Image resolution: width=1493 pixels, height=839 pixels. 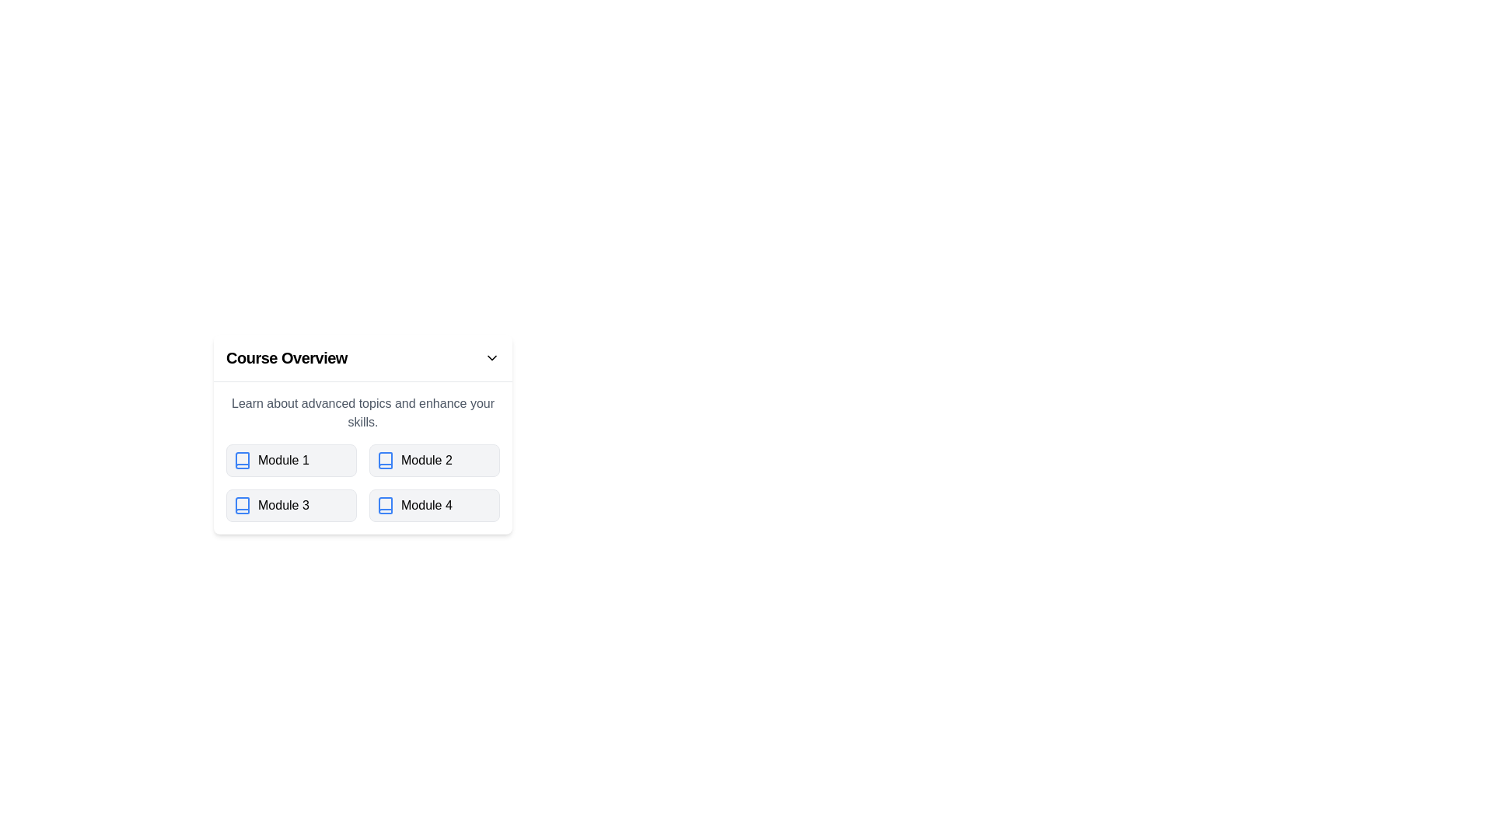 What do you see at coordinates (283, 506) in the screenshot?
I see `the text label displaying 'Module 3', which is styled with a medium weight font and is located in the lower-left quadrant of the module selection area, enclosed in a light gray background with a small blue book icon` at bounding box center [283, 506].